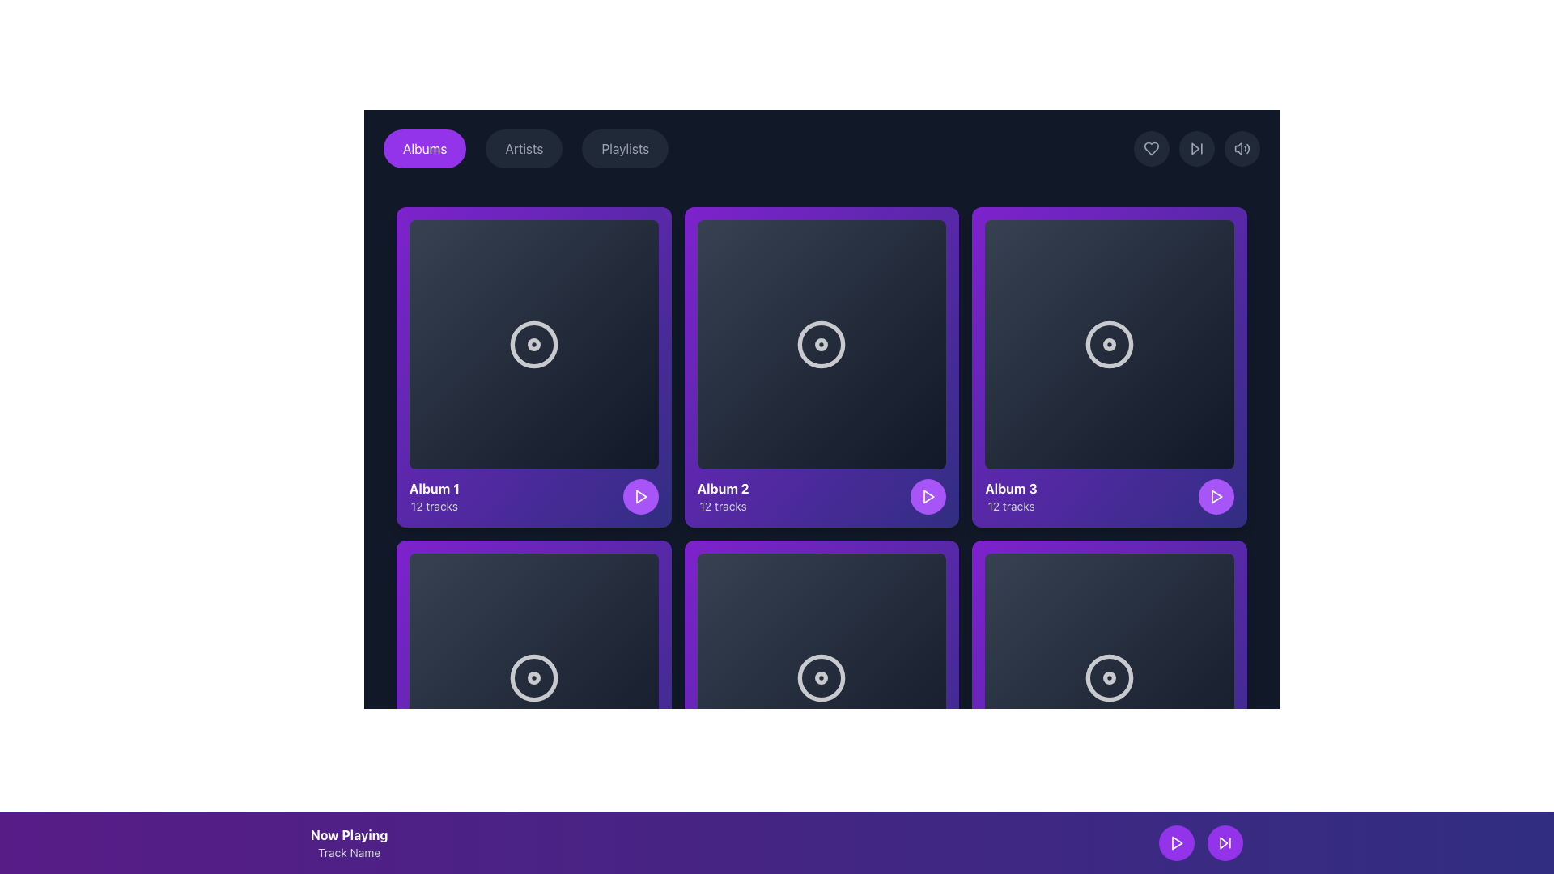 This screenshot has height=874, width=1554. Describe the element at coordinates (1242, 149) in the screenshot. I see `the third button in the upper-right corner of the interface` at that location.